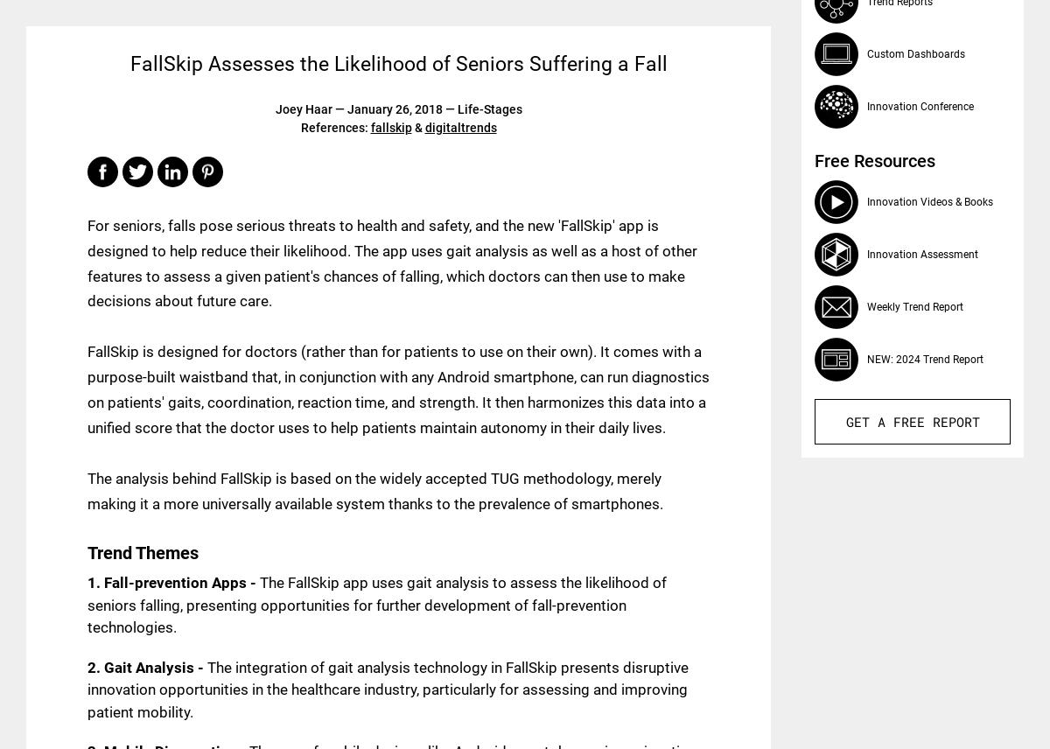  I want to click on 'FallSkip is designed for doctors (rather than for patients to use on their own). It comes with a purpose-built waistband that, in conjunction with any Android smartphone, can run diagnostics on patients' gaits, coordination, reaction time, and strength. It then harmonizes this data into a unified score that the doctor uses to help patients maintain autonomy in their daily lives.', so click(397, 389).